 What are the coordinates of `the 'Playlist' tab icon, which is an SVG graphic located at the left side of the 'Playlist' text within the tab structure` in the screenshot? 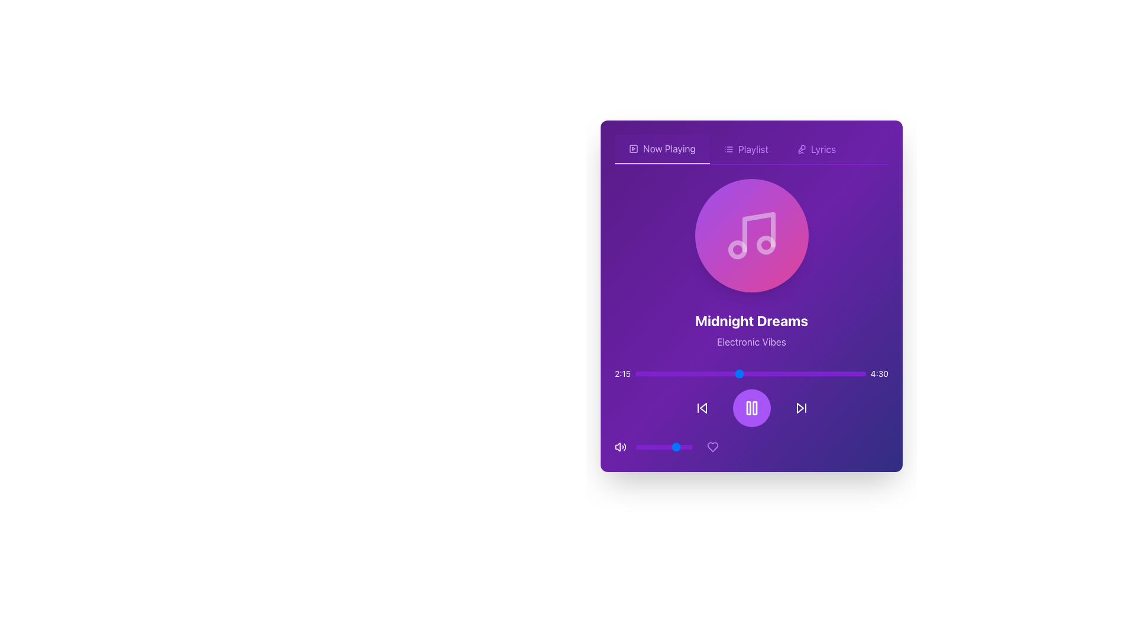 It's located at (728, 149).